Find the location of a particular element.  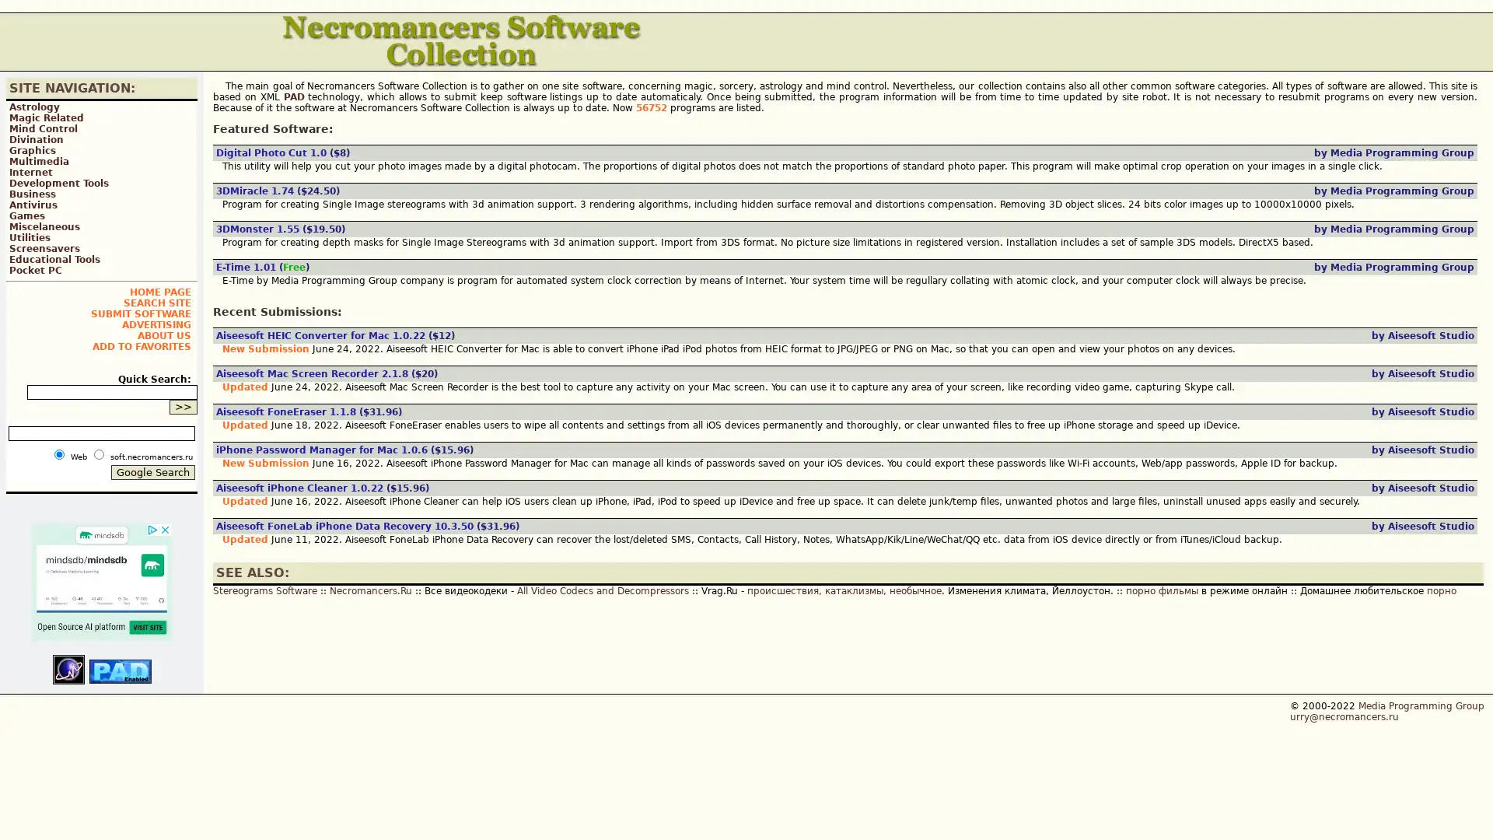

>> is located at coordinates (183, 406).